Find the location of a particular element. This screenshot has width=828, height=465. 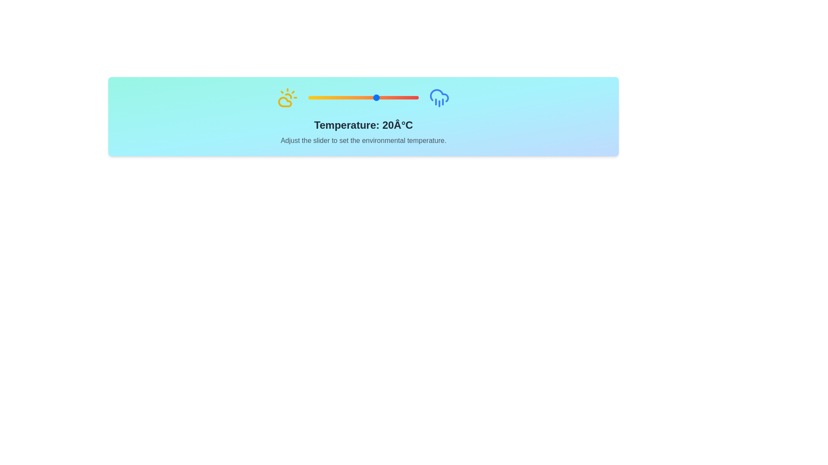

the slider to set the temperature to 12 degrees Celsius is located at coordinates (366, 97).